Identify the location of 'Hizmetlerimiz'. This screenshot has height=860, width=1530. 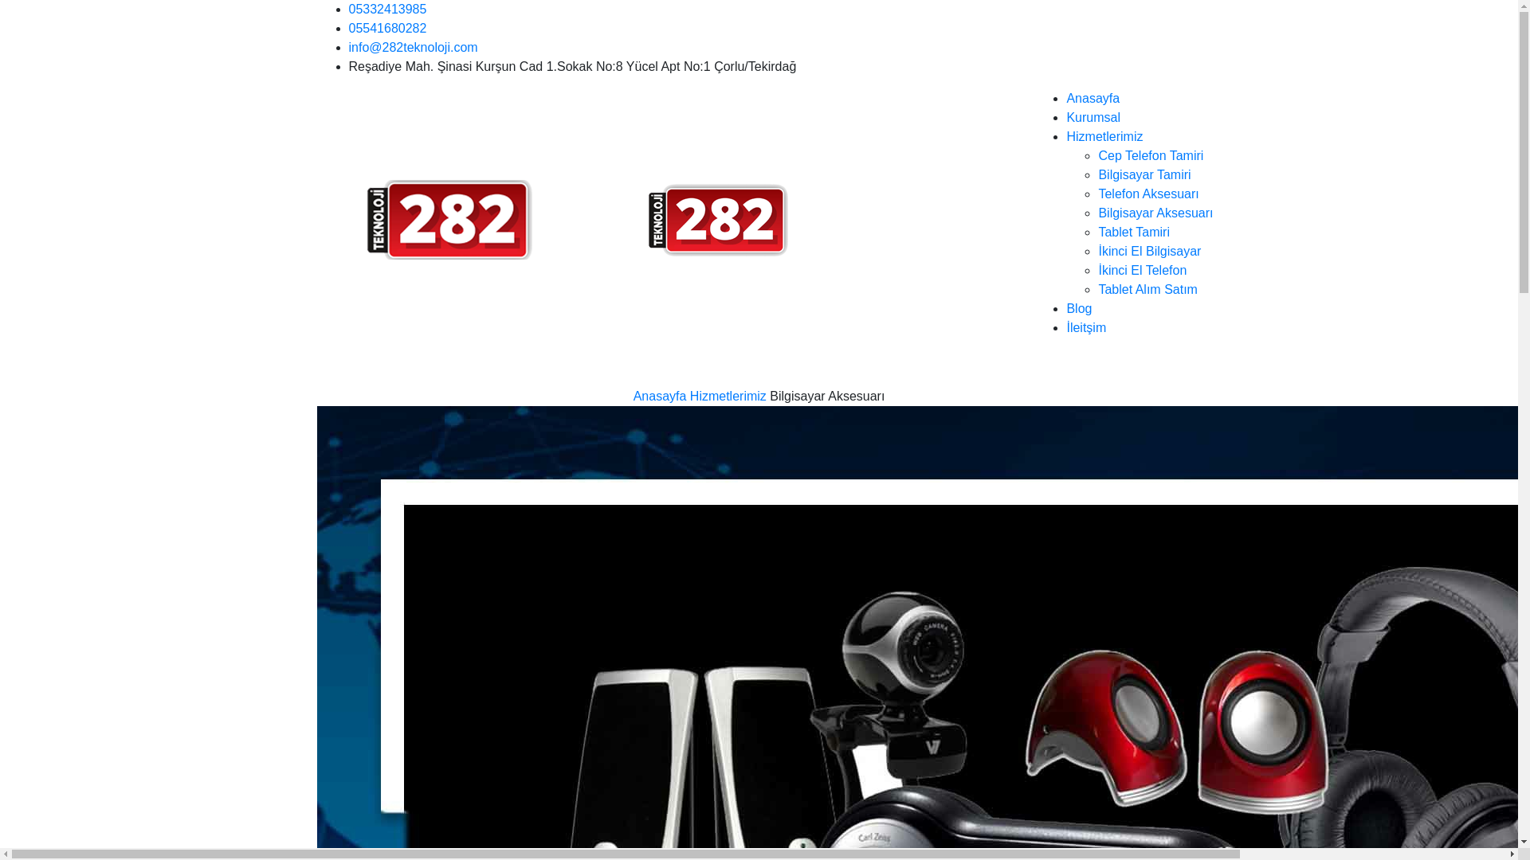
(1104, 135).